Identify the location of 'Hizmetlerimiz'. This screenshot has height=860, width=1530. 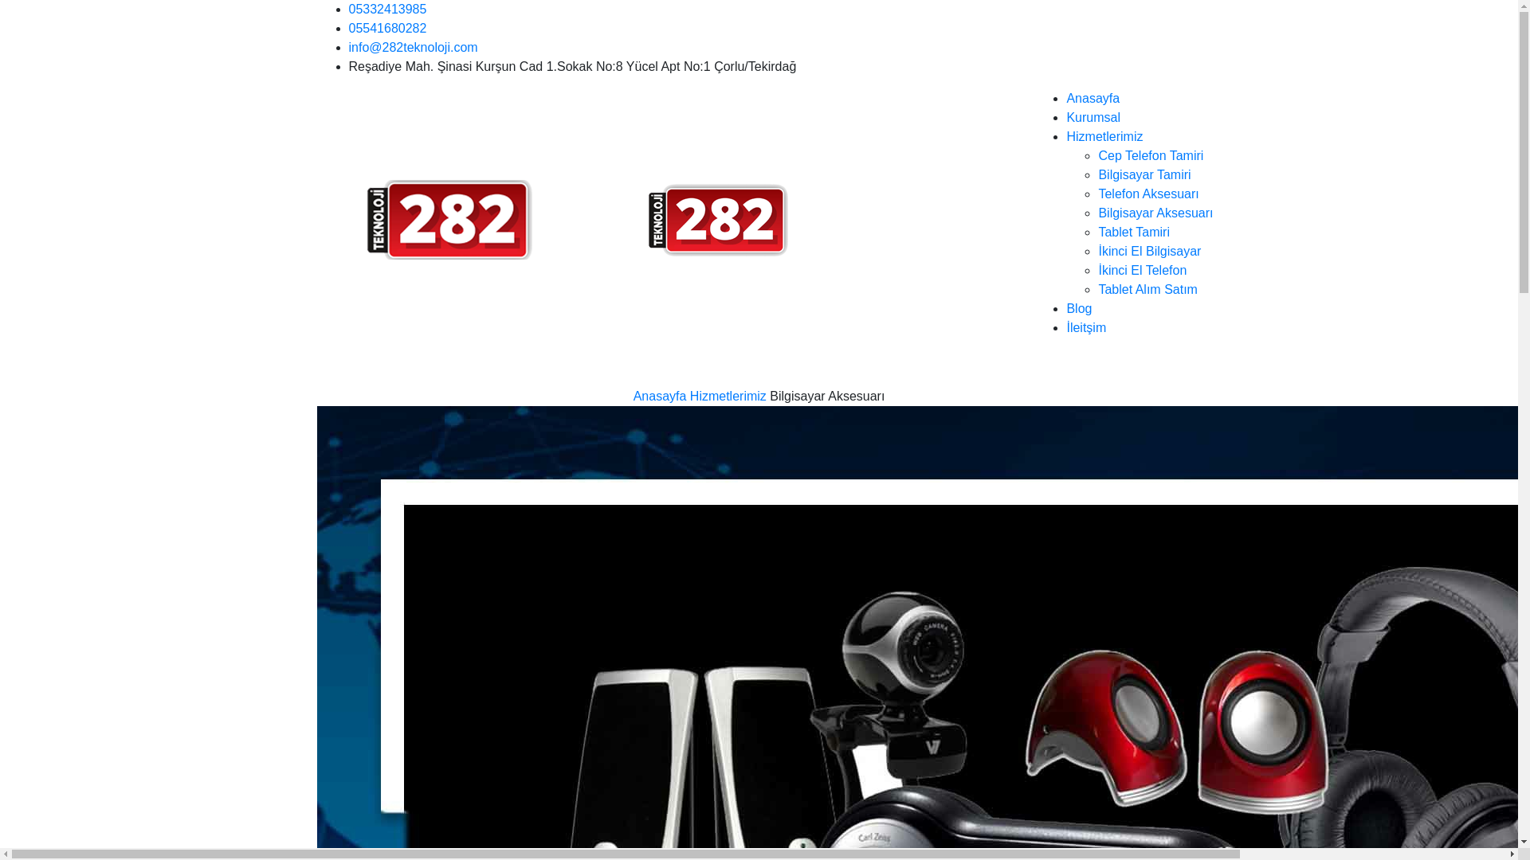
(1104, 135).